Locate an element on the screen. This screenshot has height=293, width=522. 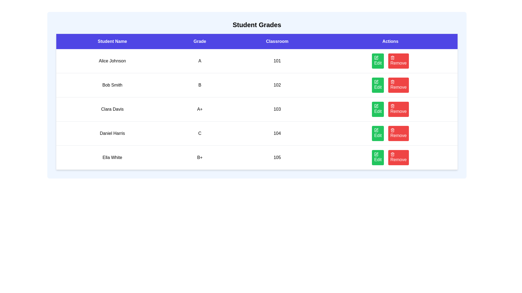
the 'Edit' button for the student named Ella White is located at coordinates (378, 158).